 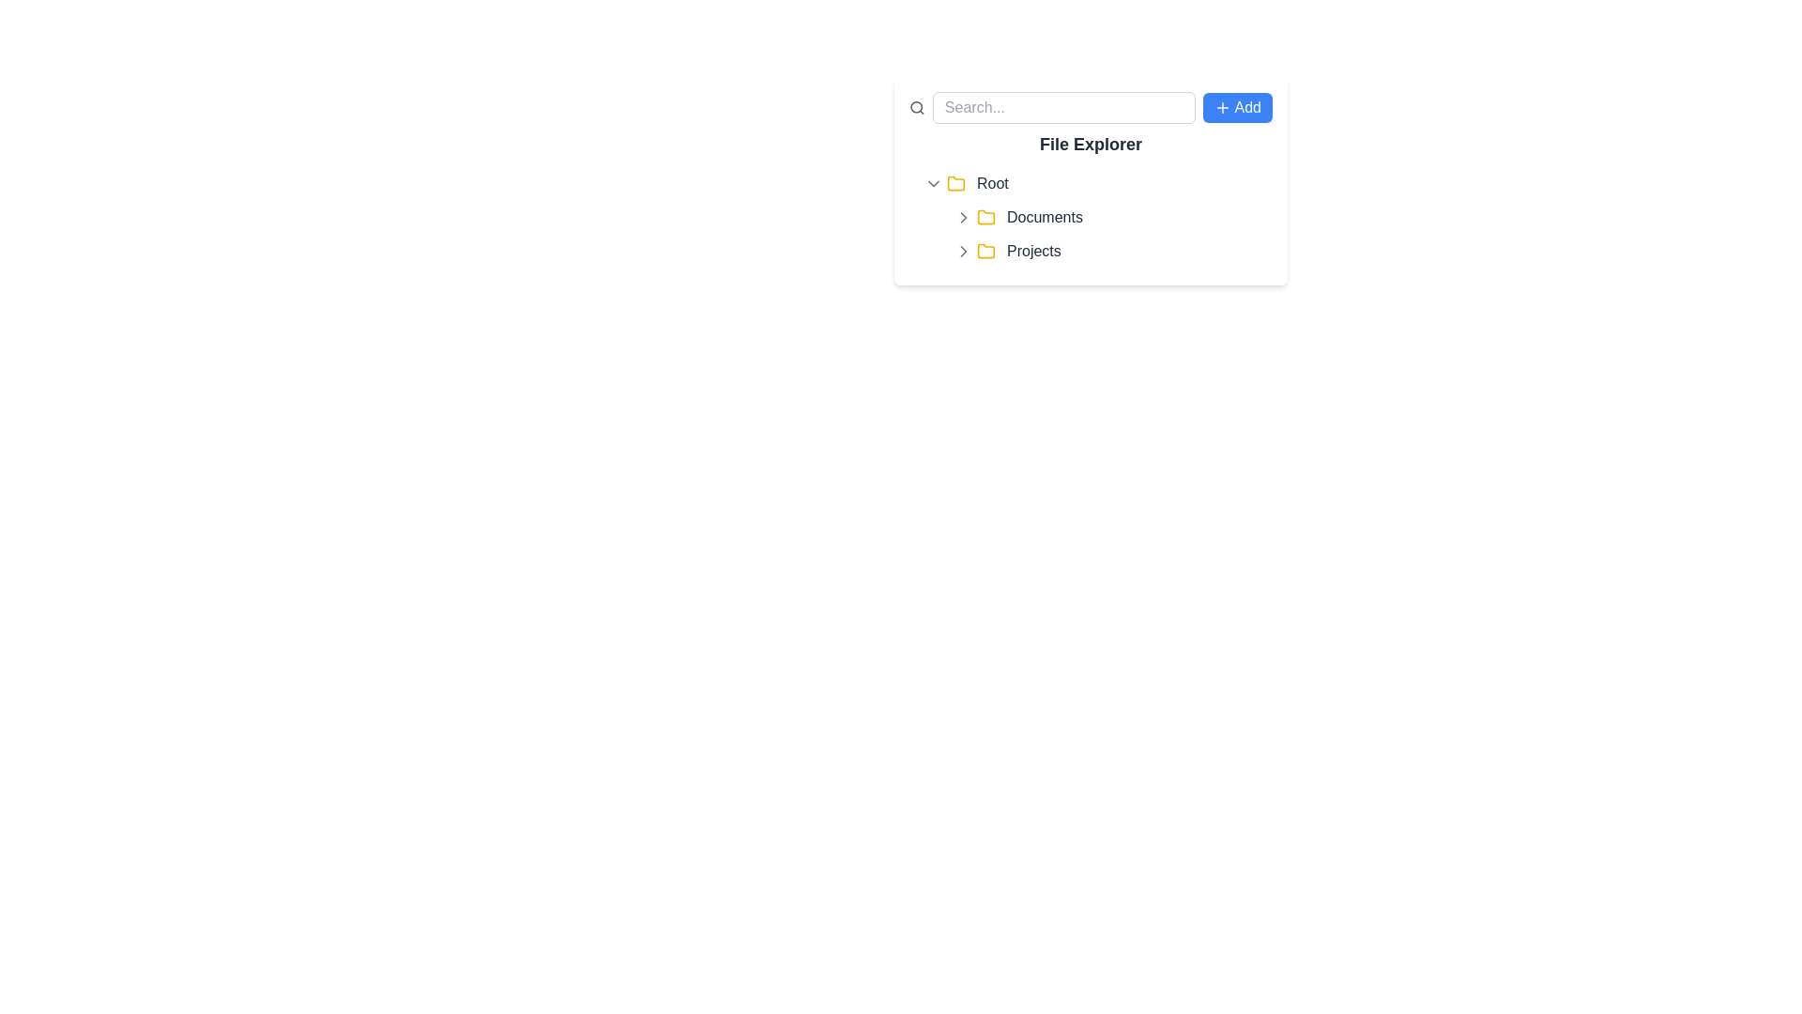 What do you see at coordinates (964, 216) in the screenshot?
I see `the right-facing chevron icon adjacent to the 'Documents' text label` at bounding box center [964, 216].